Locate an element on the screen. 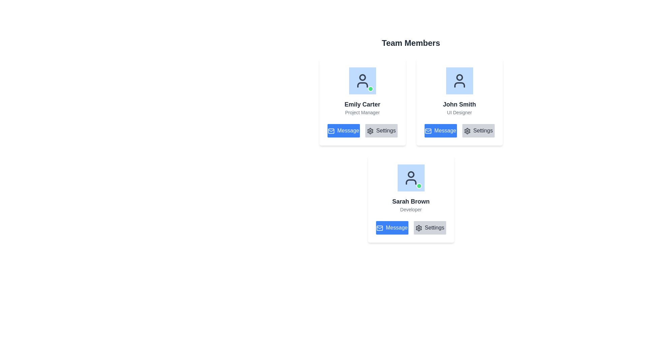 This screenshot has width=647, height=364. the small circular shape representing an image or icon component located at the top-center of the user card titled 'John Smith, UI Designer' is located at coordinates (459, 77).